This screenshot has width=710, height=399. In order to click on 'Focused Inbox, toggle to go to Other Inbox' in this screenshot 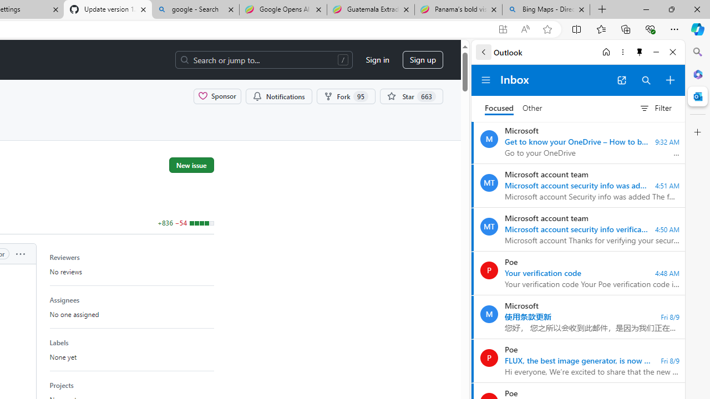, I will do `click(513, 108)`.